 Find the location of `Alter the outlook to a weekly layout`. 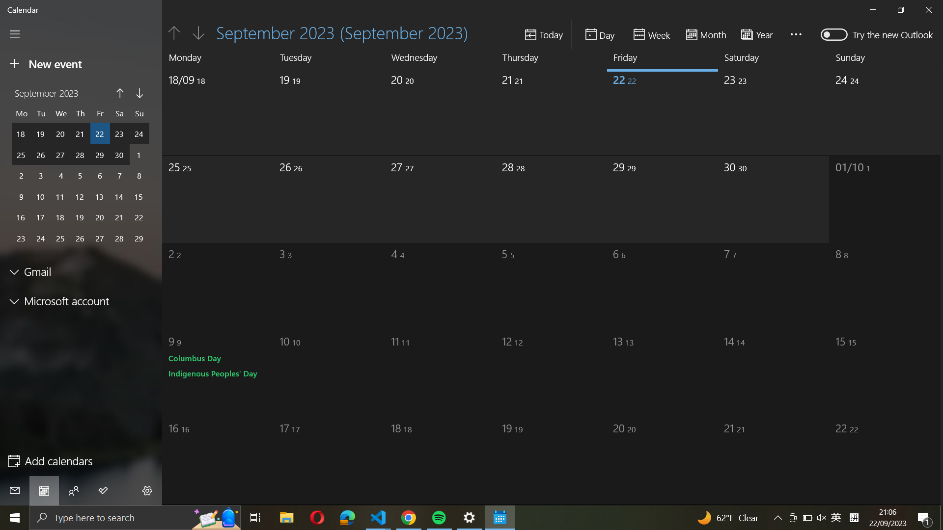

Alter the outlook to a weekly layout is located at coordinates (653, 33).